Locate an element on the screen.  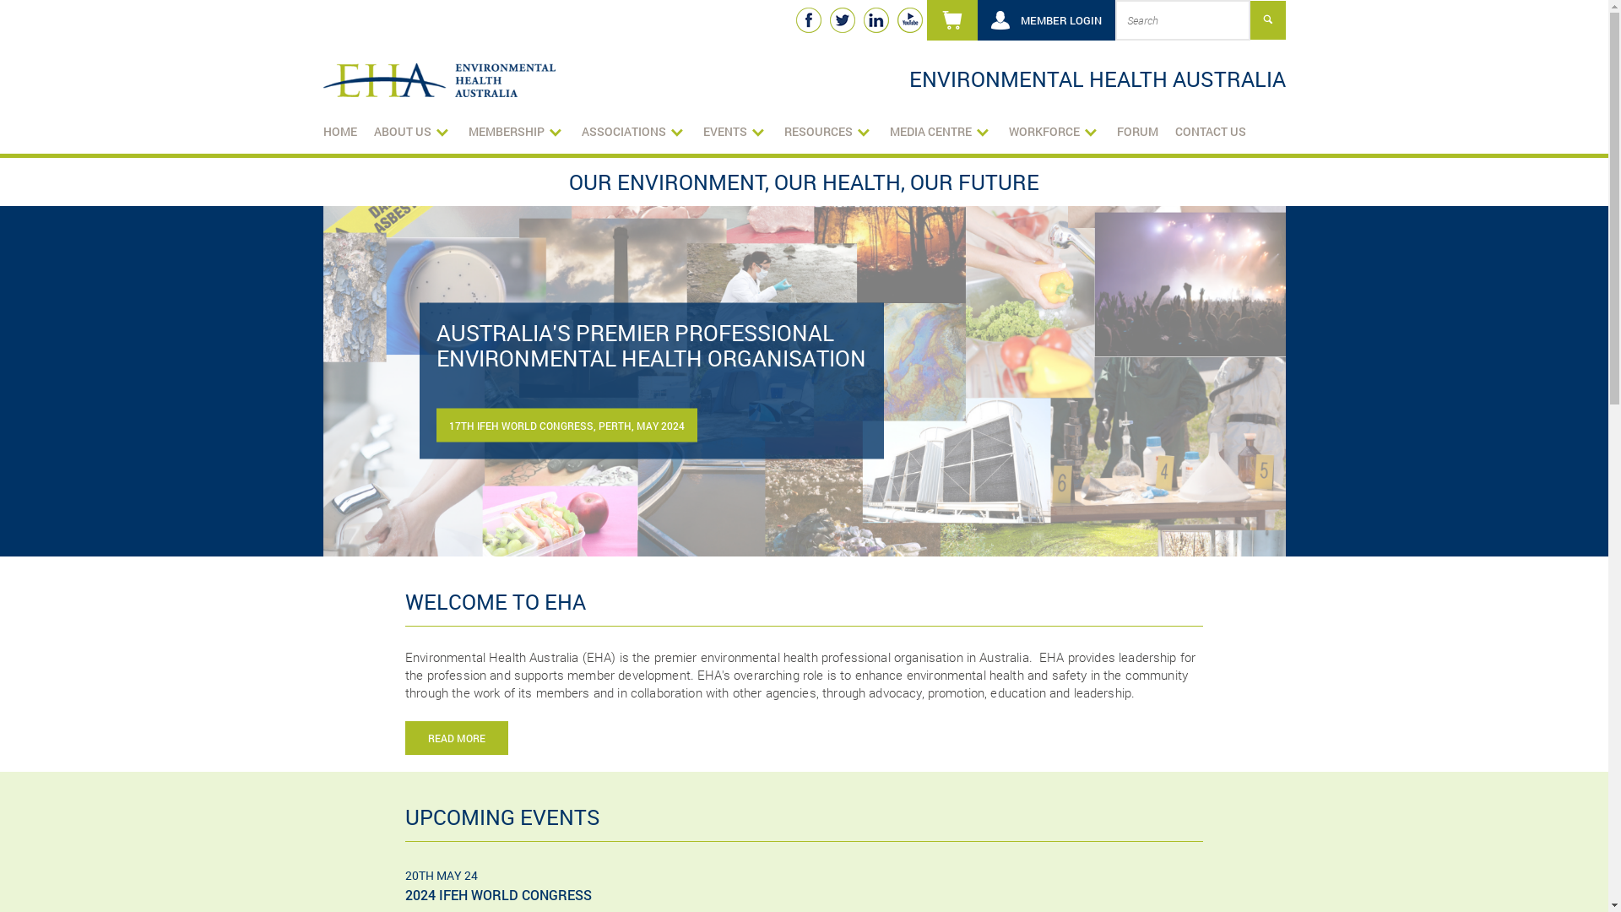
'EVENTS' is located at coordinates (734, 130).